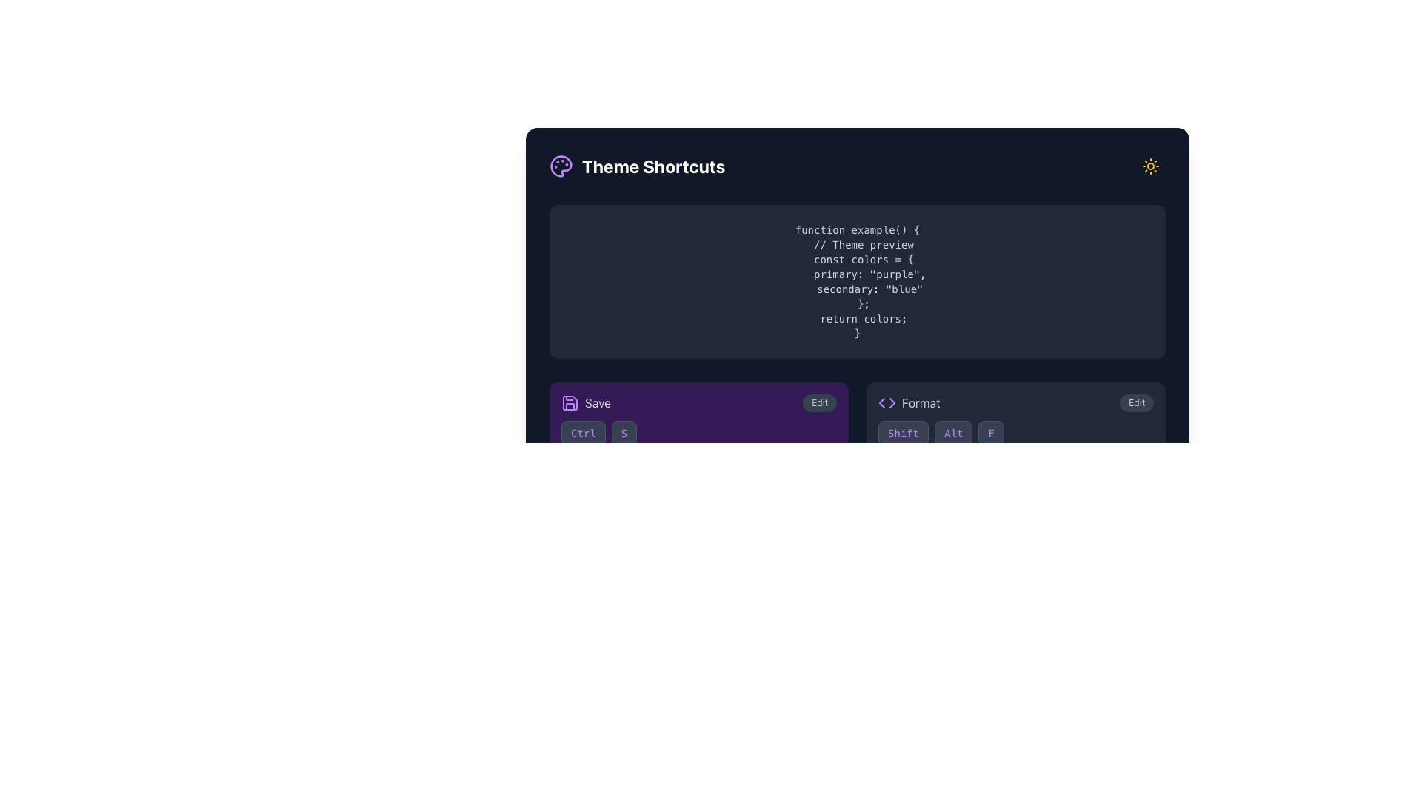  I want to click on label of the keyboard shortcut button located to the left of the 'S' button in the bottom-left section of the dark-themed interface, so click(582, 433).